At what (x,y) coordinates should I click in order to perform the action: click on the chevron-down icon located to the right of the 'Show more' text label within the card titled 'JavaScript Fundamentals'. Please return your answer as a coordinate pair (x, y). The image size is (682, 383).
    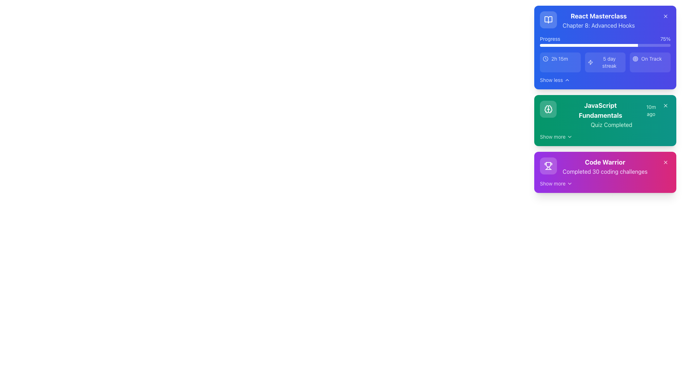
    Looking at the image, I should click on (570, 137).